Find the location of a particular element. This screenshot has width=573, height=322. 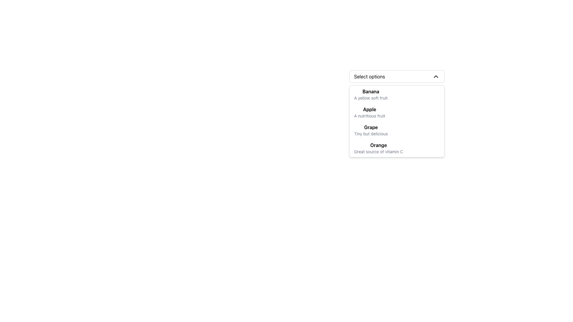

the Dropdown trigger button located at the top of the dropdown menu is located at coordinates (397, 76).